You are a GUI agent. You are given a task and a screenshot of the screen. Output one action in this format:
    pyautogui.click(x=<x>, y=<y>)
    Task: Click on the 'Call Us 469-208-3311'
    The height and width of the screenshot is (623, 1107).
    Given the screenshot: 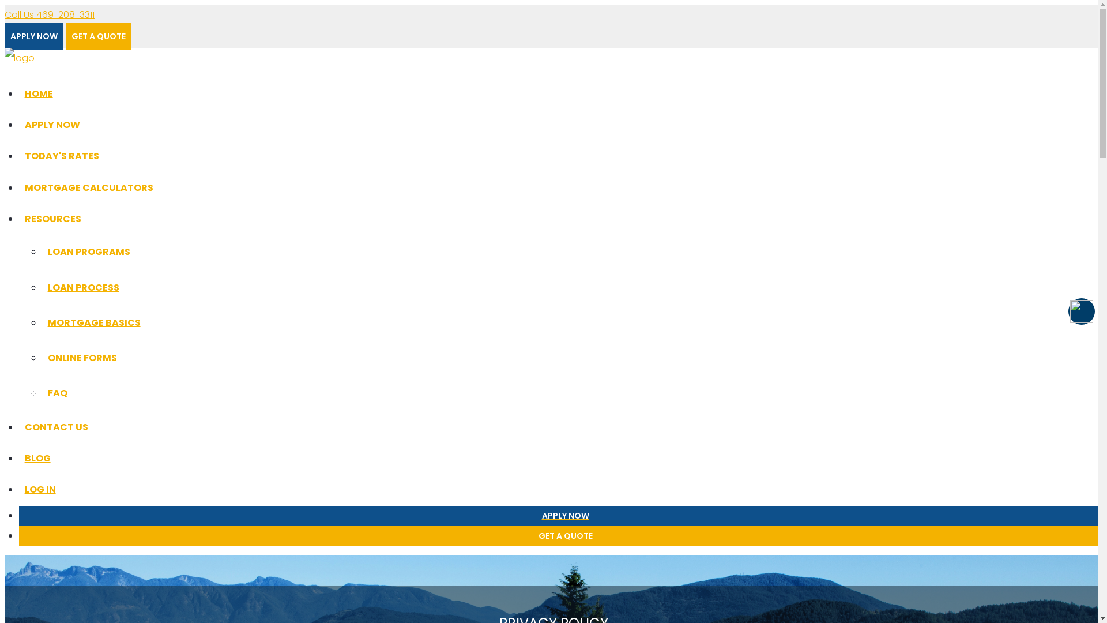 What is the action you would take?
    pyautogui.click(x=49, y=14)
    